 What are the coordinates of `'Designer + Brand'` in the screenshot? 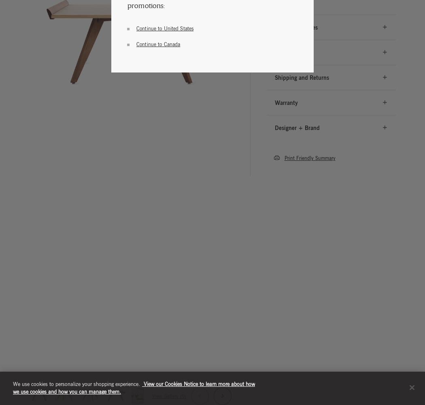 It's located at (296, 127).